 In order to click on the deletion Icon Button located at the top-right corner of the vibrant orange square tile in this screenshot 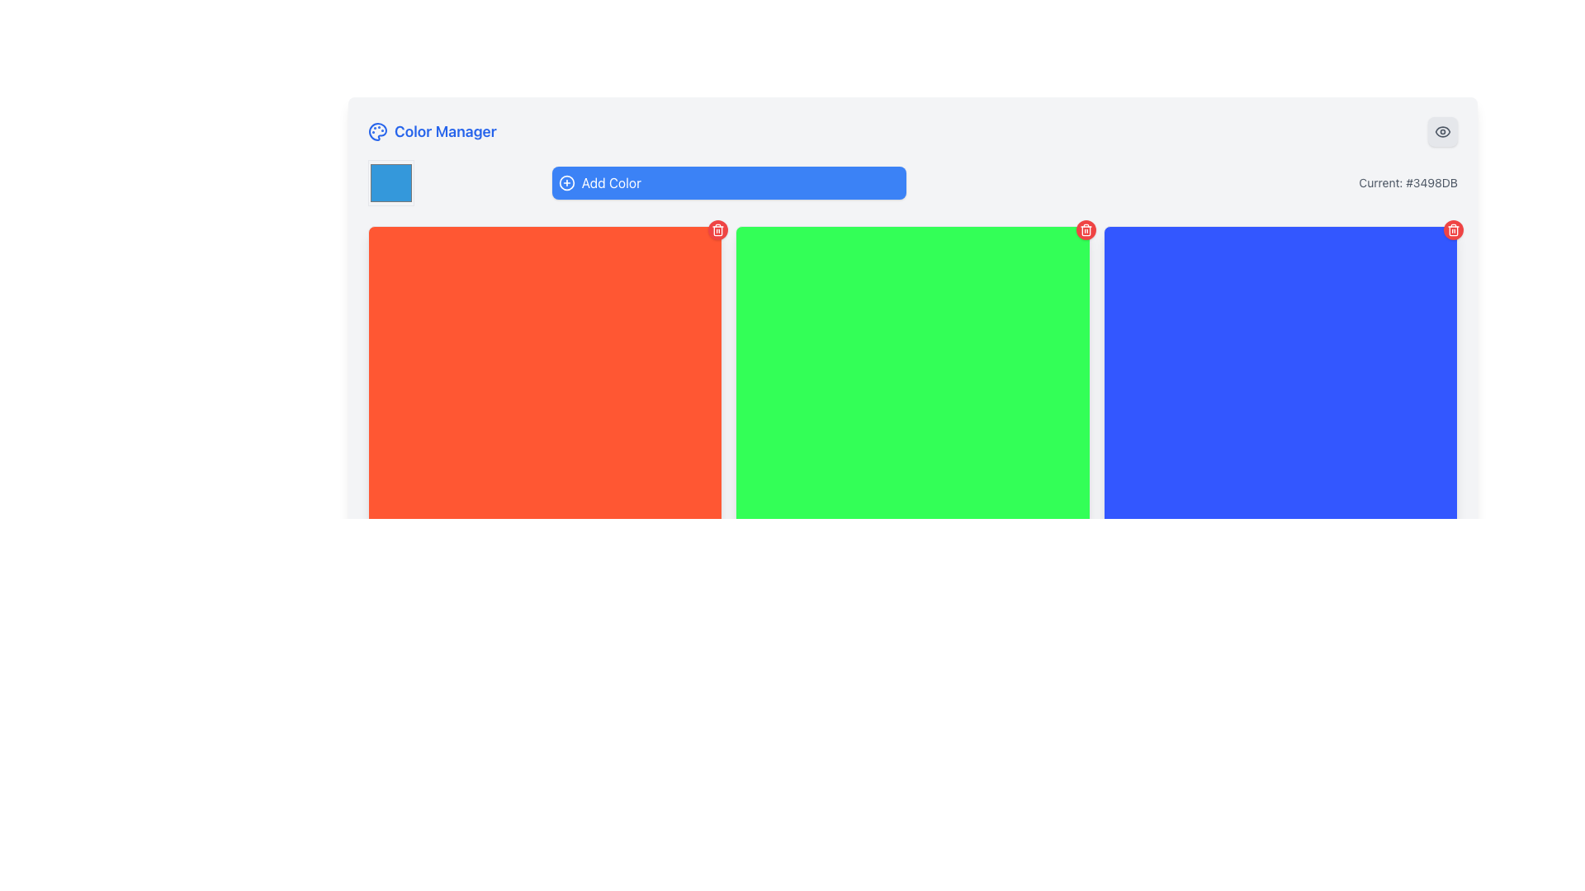, I will do `click(718, 229)`.